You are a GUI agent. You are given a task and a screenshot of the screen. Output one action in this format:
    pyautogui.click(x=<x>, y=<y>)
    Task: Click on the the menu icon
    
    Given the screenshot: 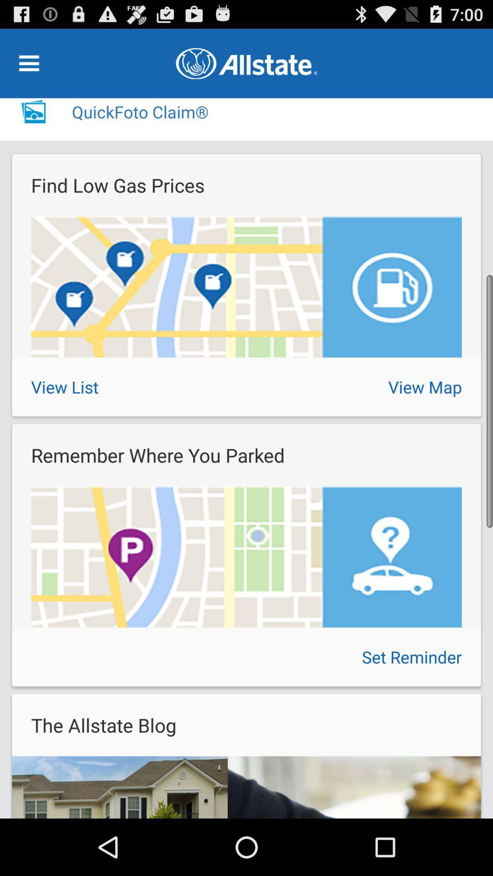 What is the action you would take?
    pyautogui.click(x=29, y=67)
    